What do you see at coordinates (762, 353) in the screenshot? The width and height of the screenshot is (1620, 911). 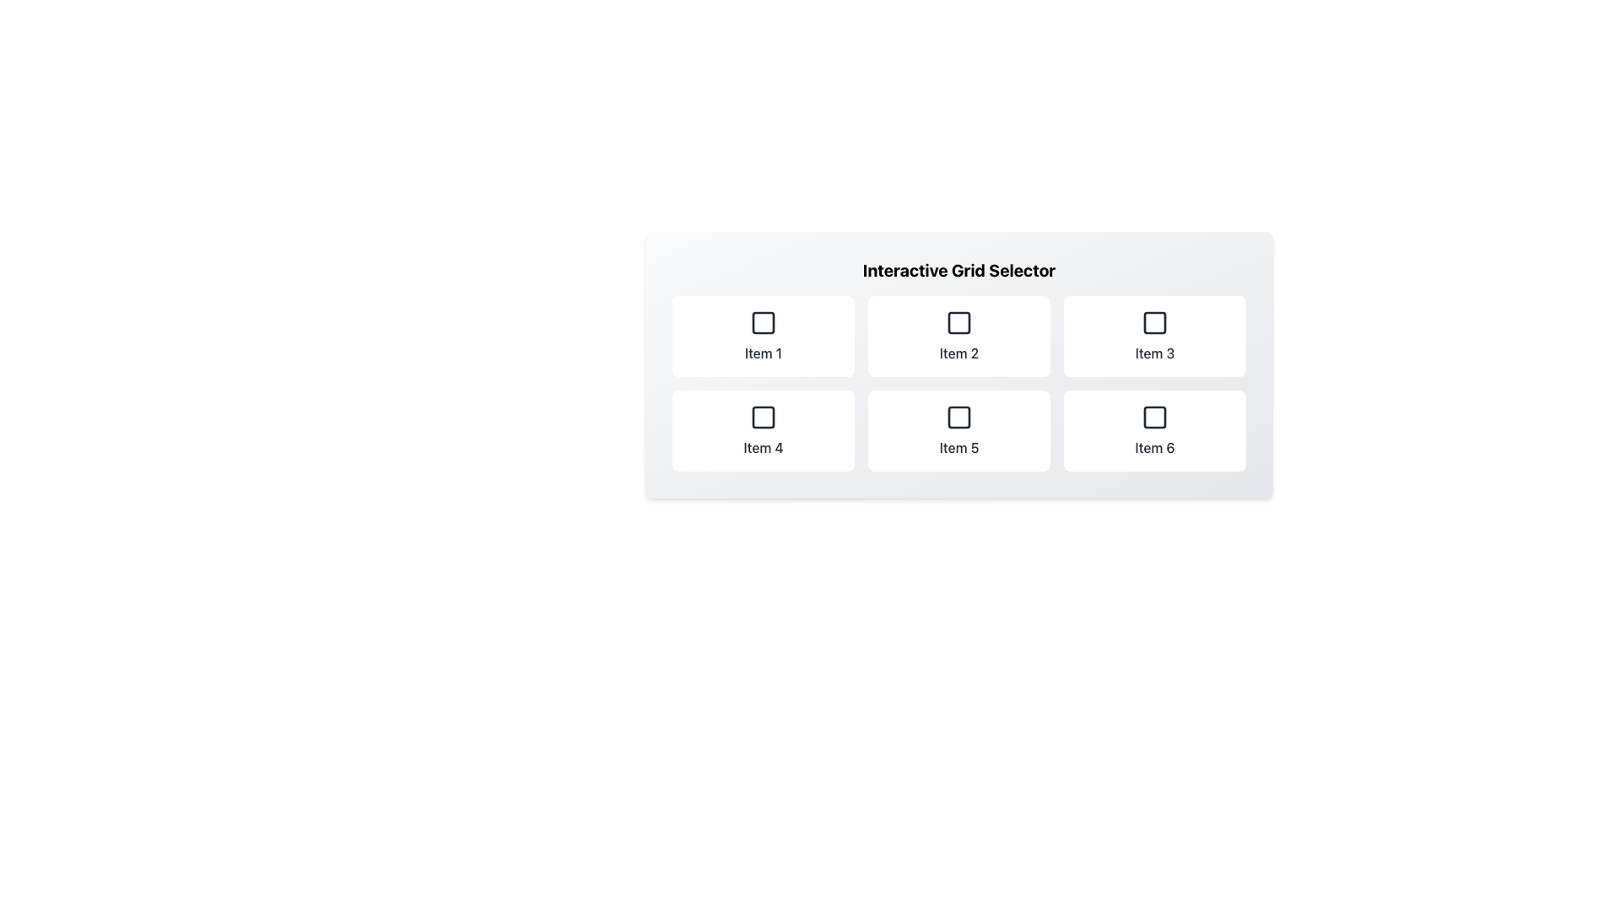 I see `the Text Label that identifies the grid item as 'Item 1', which is located under the top-left item of a 2x3 grid layout` at bounding box center [762, 353].